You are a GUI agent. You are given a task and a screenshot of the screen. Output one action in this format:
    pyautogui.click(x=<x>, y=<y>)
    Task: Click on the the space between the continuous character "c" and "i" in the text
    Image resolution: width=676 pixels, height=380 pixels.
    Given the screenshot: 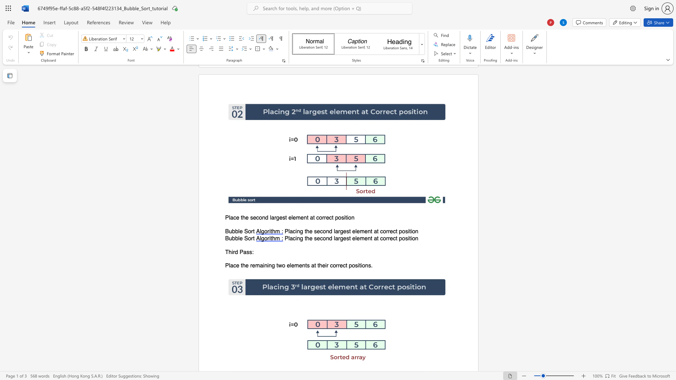 What is the action you would take?
    pyautogui.click(x=295, y=232)
    